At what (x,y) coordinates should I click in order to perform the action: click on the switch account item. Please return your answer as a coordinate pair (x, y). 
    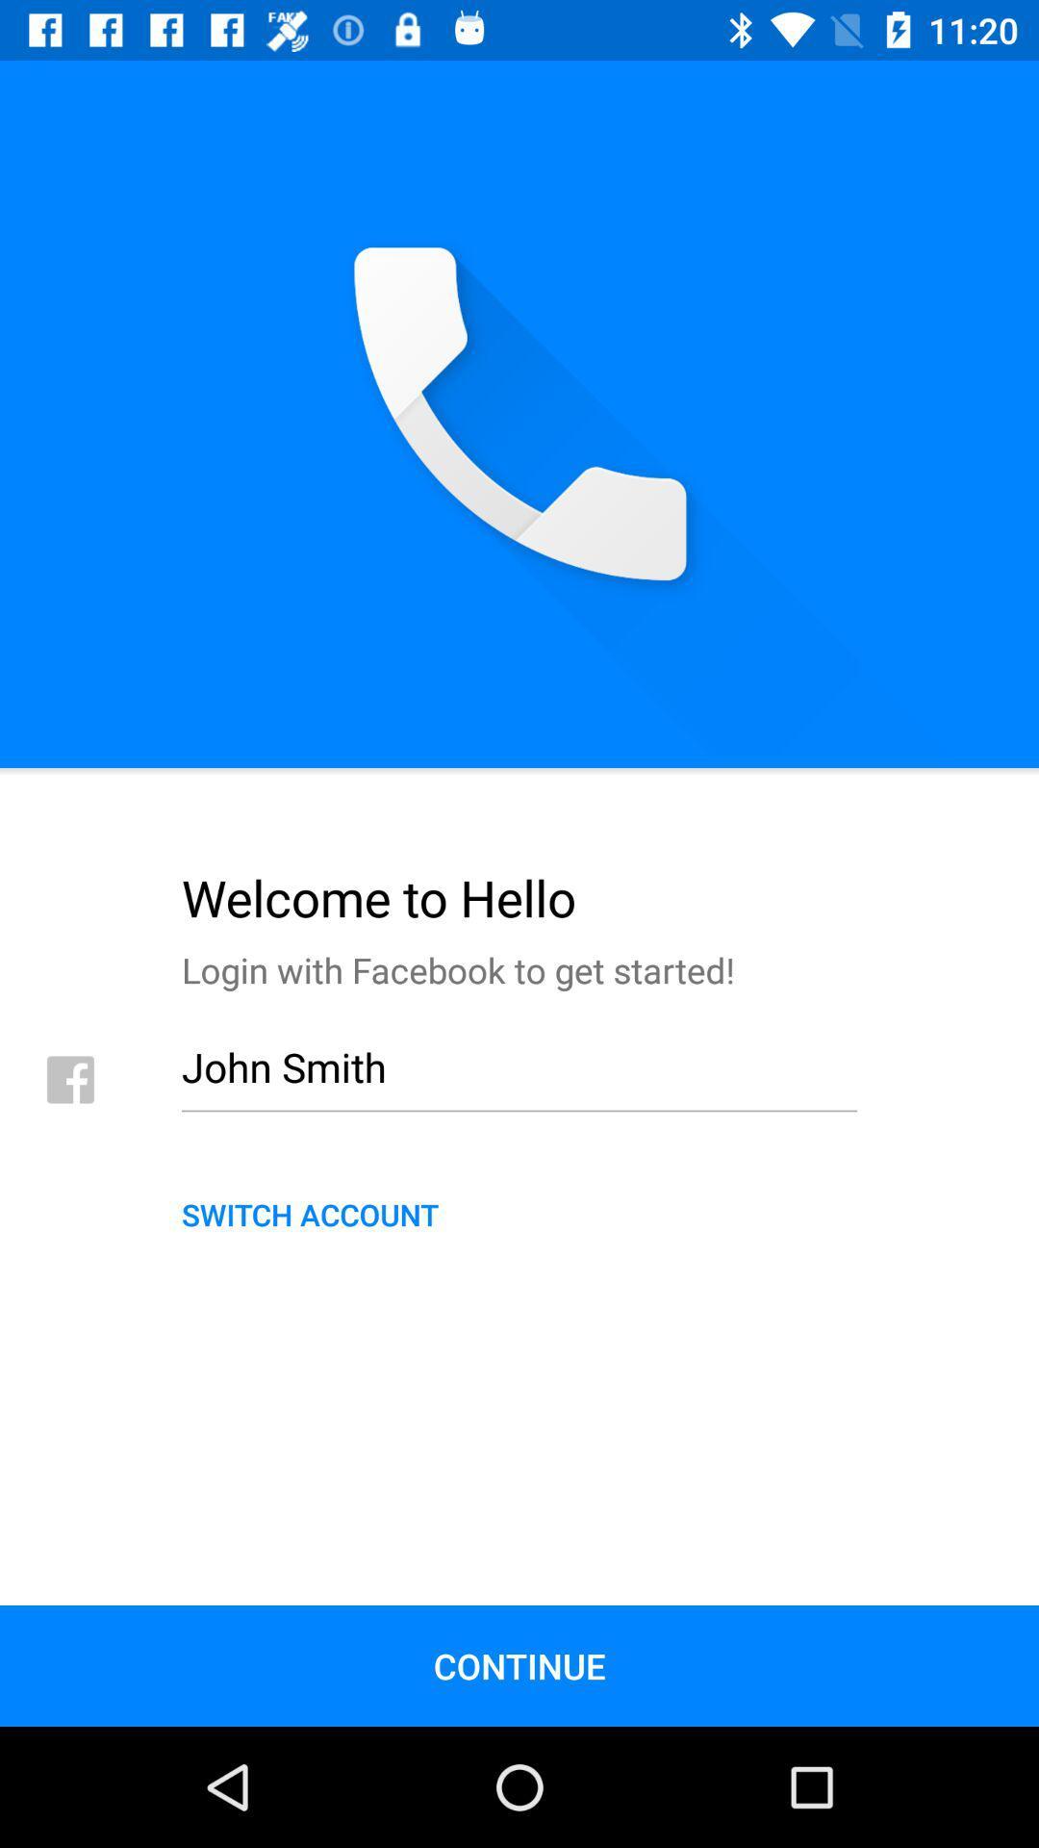
    Looking at the image, I should click on (519, 1213).